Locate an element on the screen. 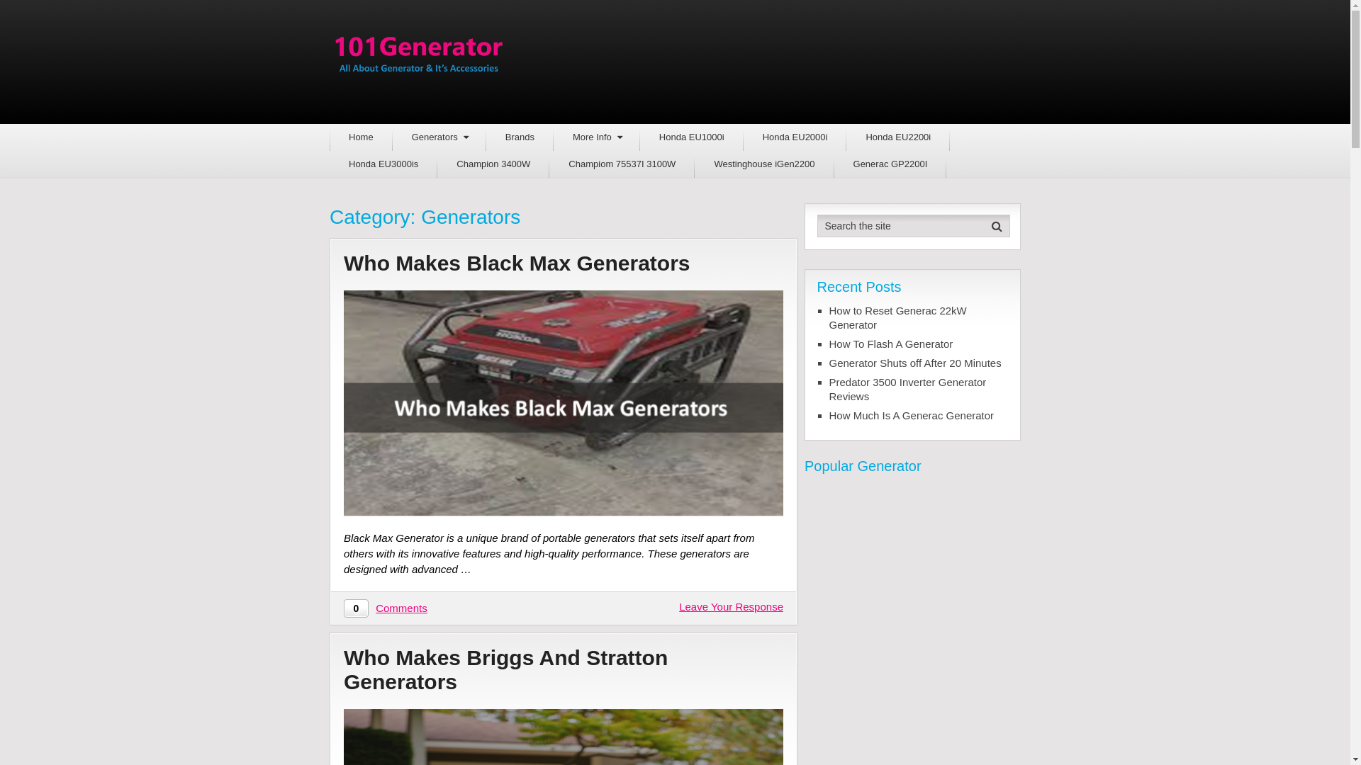 The height and width of the screenshot is (765, 1361). 'Generator Shuts off After 20 Minutes' is located at coordinates (919, 363).